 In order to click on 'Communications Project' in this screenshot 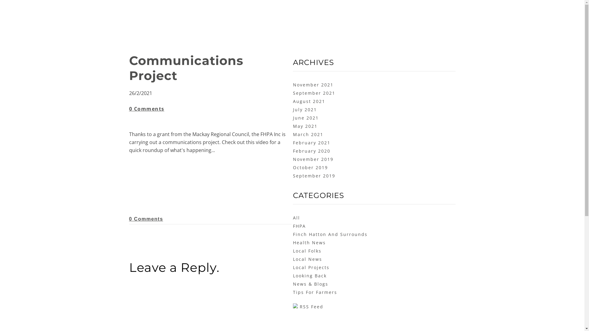, I will do `click(185, 68)`.